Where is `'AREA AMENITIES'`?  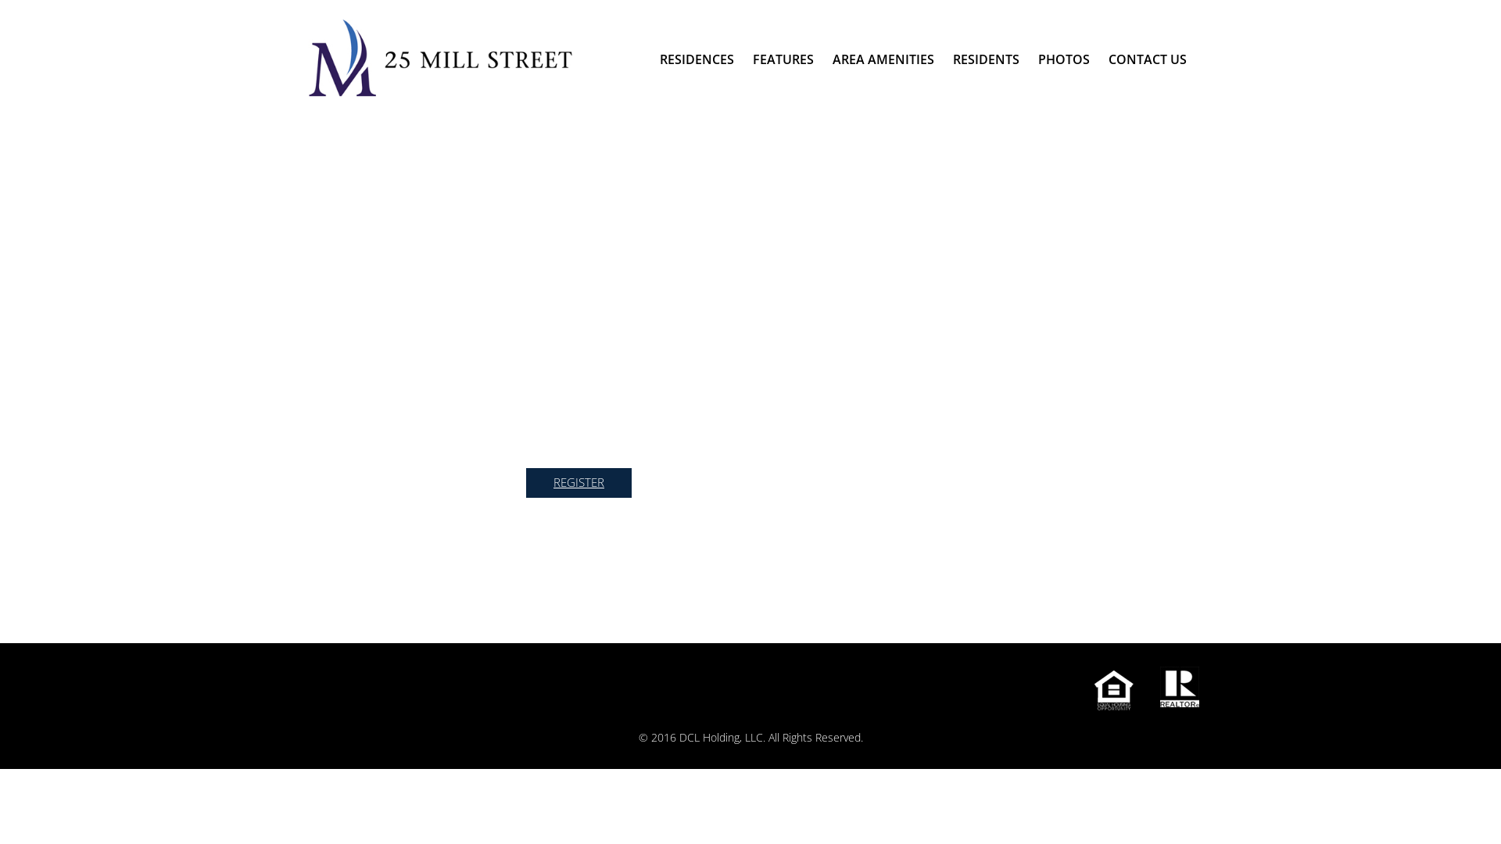
'AREA AMENITIES' is located at coordinates (883, 59).